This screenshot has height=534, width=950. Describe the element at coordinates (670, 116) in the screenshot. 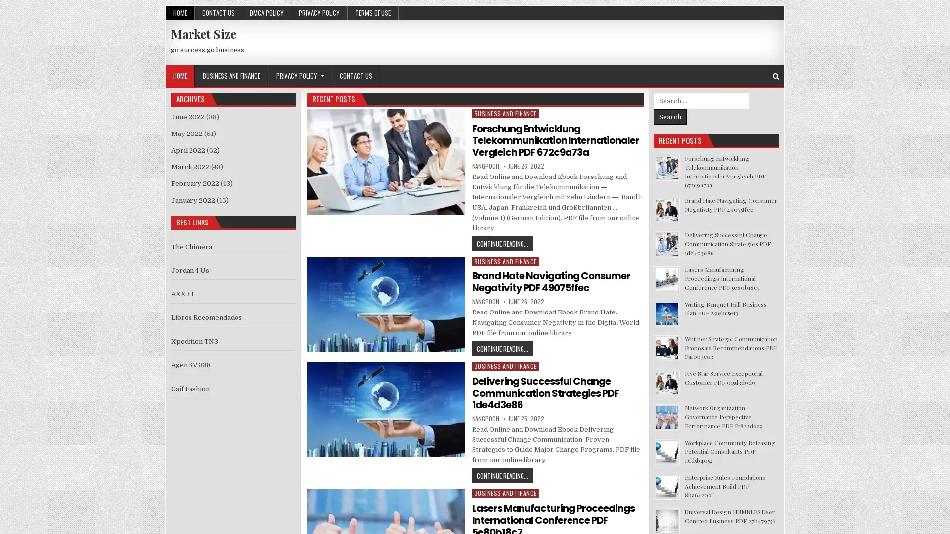

I see `Search` at that location.